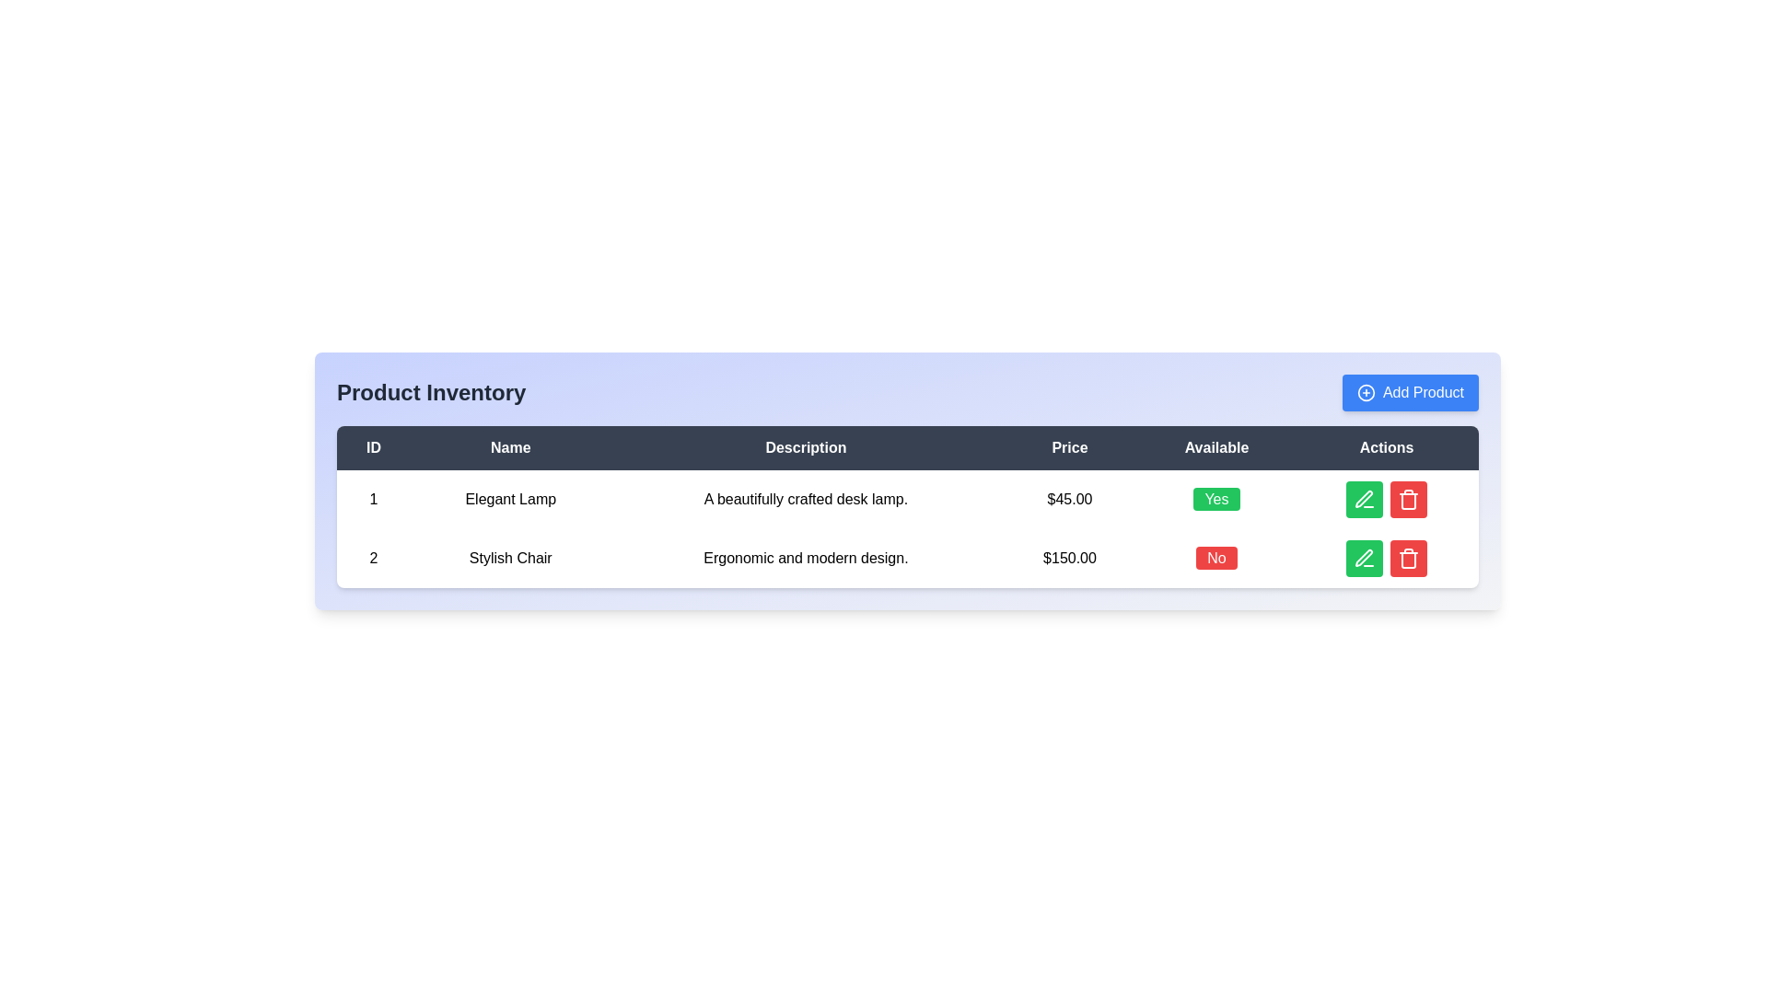  I want to click on the red button with a trash bin icon located in the second row of the 'Actions' column, so click(1408, 500).